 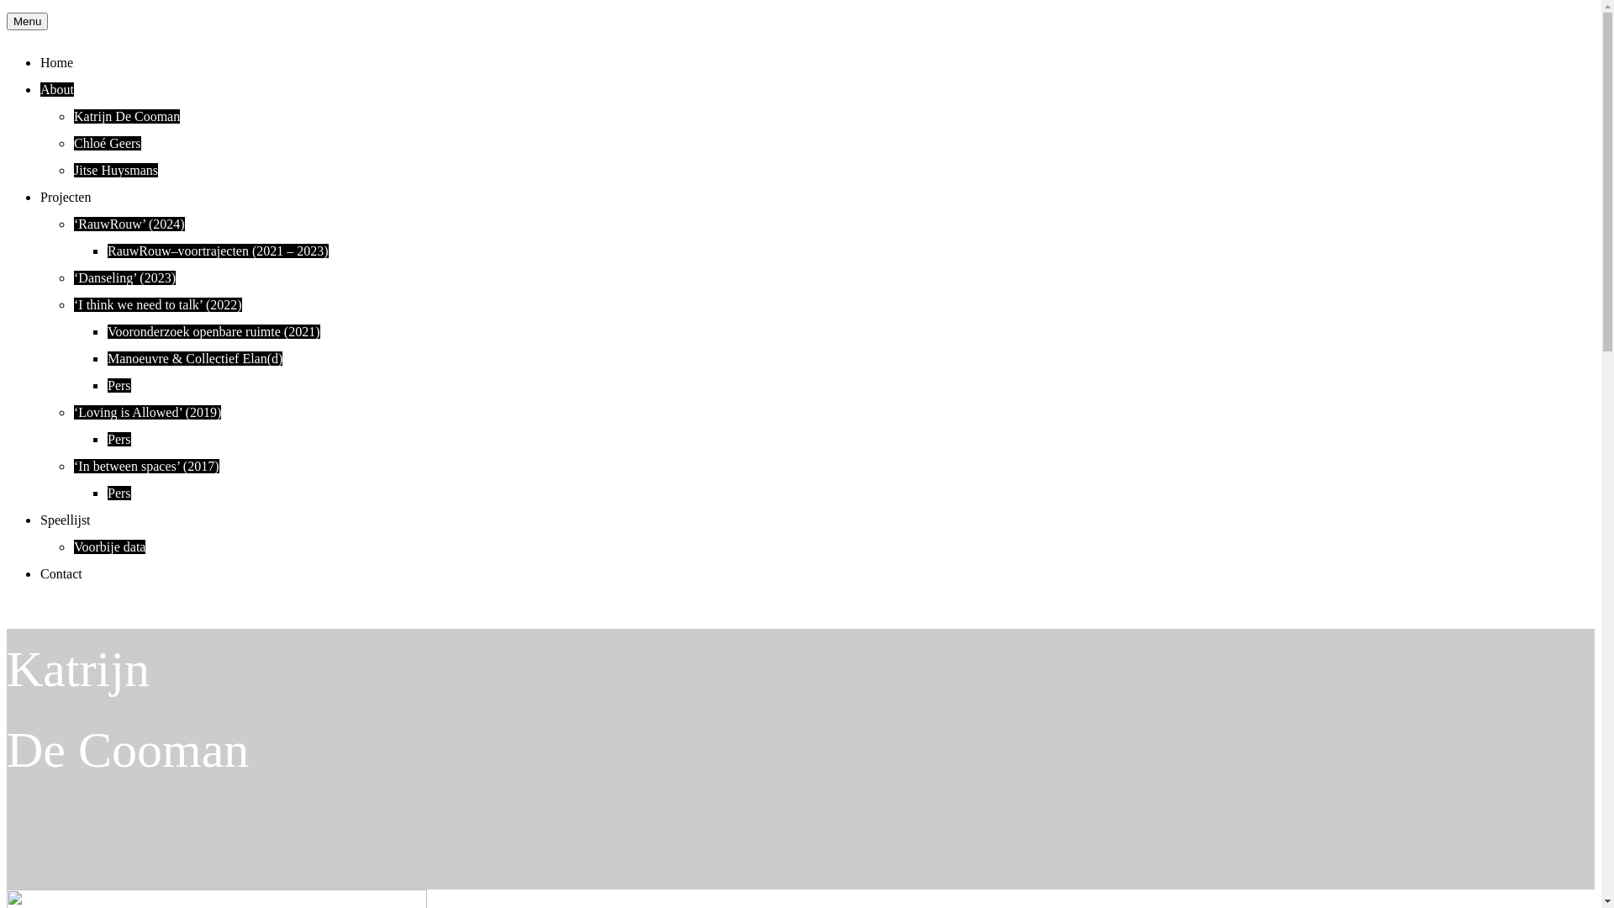 What do you see at coordinates (125, 115) in the screenshot?
I see `'Katrijn De Cooman'` at bounding box center [125, 115].